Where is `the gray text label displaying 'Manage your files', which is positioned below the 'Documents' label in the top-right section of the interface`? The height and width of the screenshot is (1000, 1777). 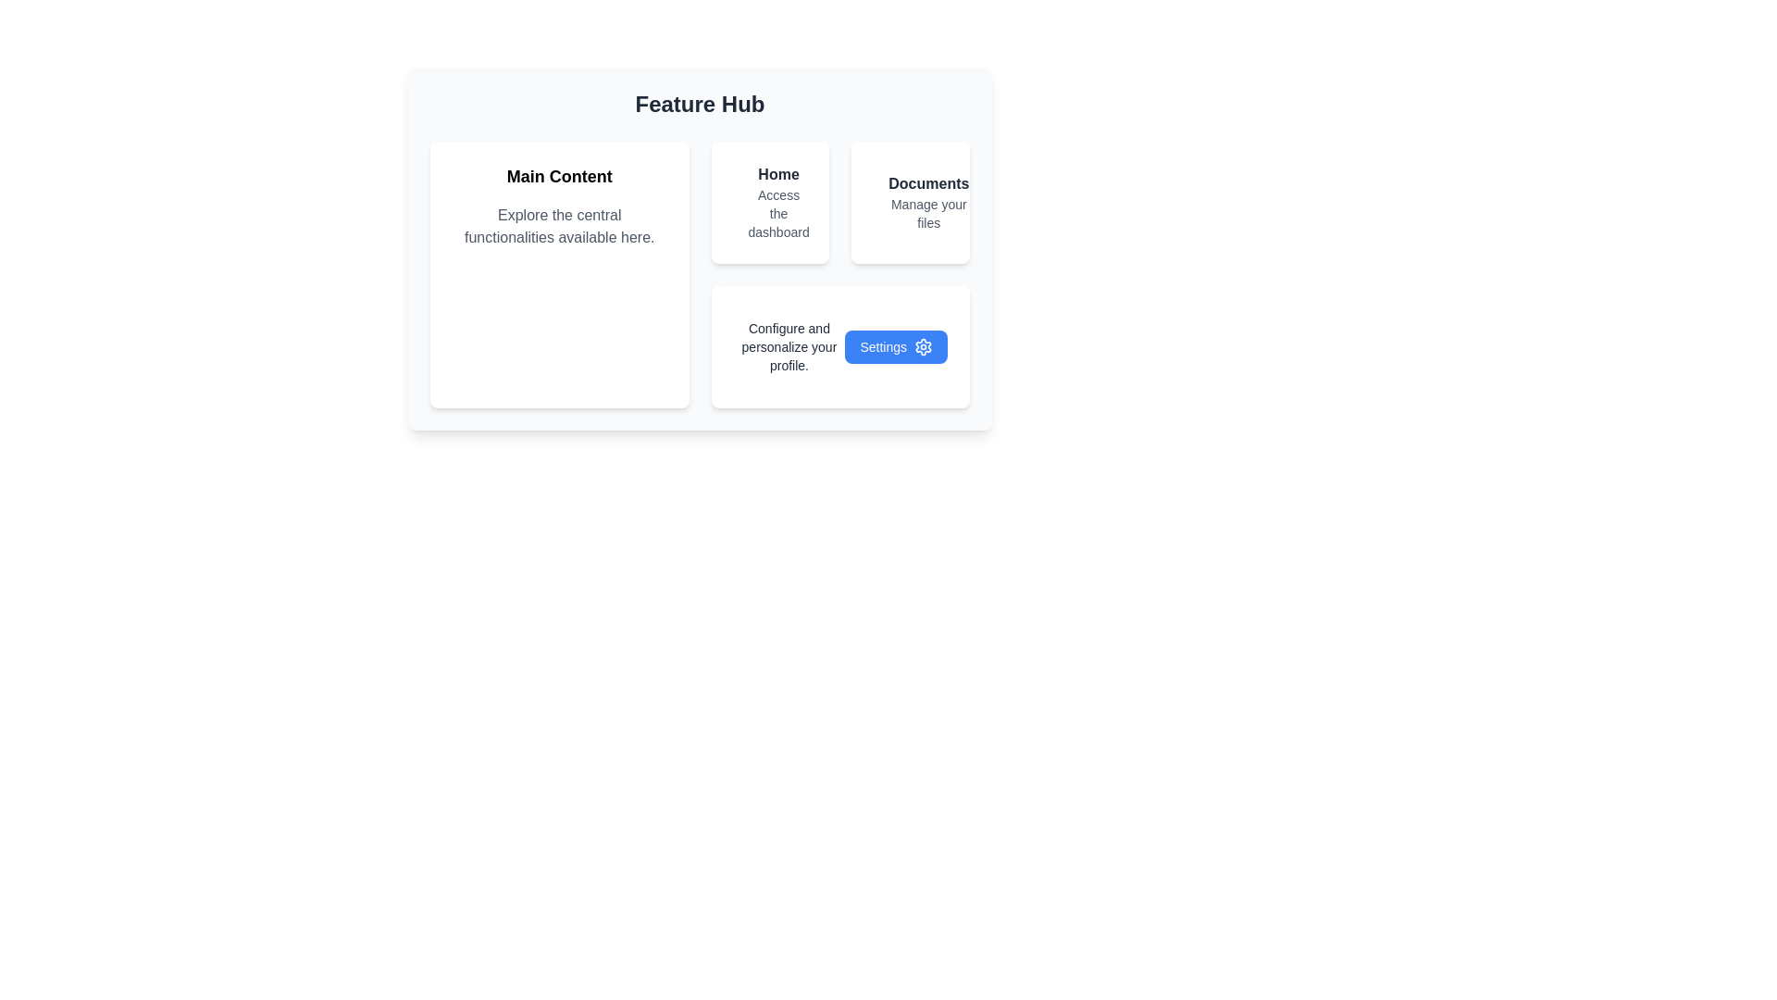
the gray text label displaying 'Manage your files', which is positioned below the 'Documents' label in the top-right section of the interface is located at coordinates (928, 213).